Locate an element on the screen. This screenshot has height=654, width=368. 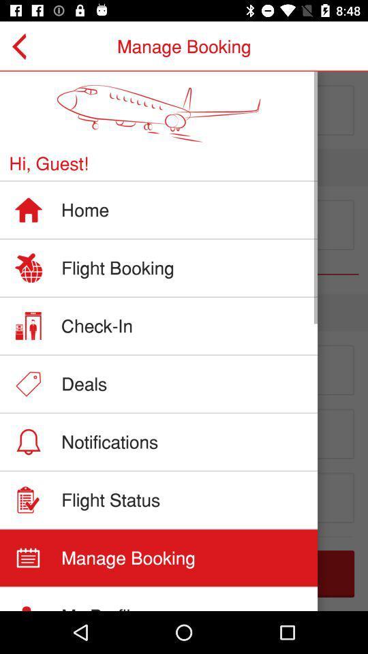
the text and symbol which is immediately below deals is located at coordinates (184, 443).